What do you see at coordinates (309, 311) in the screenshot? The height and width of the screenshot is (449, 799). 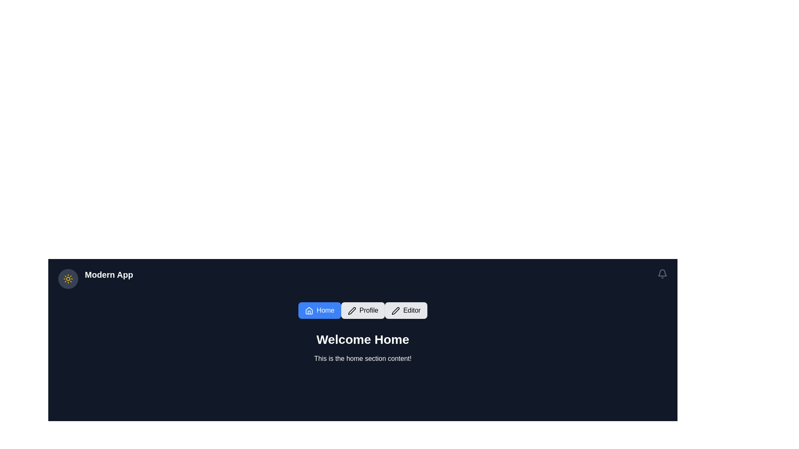 I see `the home icon located` at bounding box center [309, 311].